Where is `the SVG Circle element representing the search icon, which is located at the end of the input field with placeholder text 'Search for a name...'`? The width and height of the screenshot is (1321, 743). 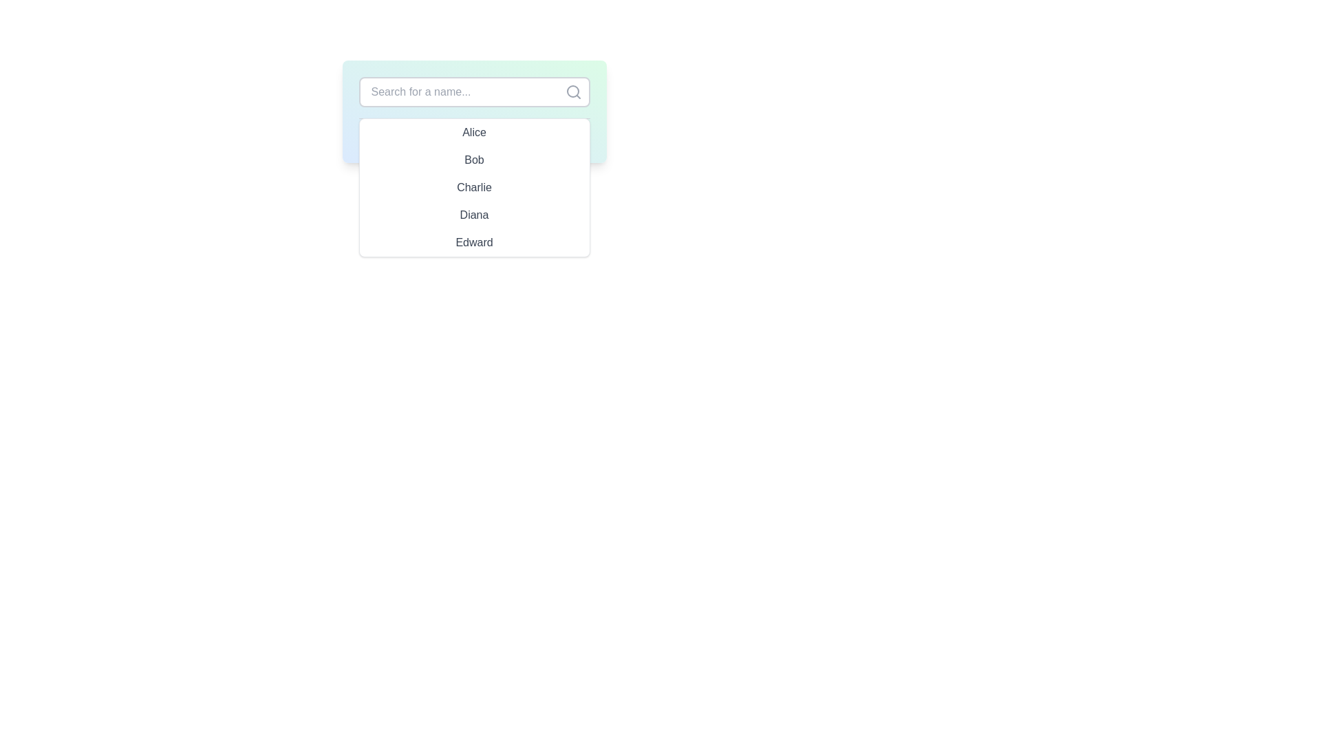
the SVG Circle element representing the search icon, which is located at the end of the input field with placeholder text 'Search for a name...' is located at coordinates (572, 91).